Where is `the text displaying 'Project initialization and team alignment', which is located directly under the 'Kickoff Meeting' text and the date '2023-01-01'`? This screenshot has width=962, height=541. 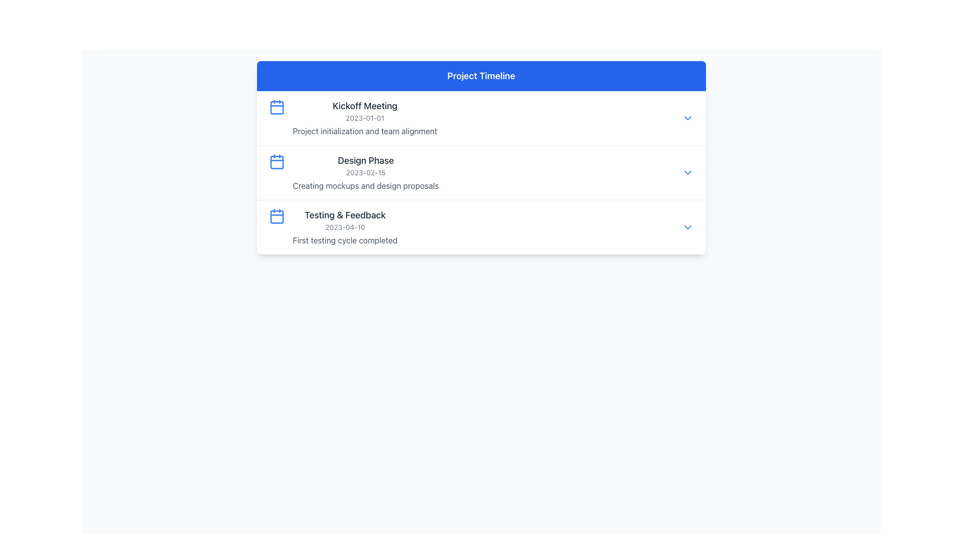
the text displaying 'Project initialization and team alignment', which is located directly under the 'Kickoff Meeting' text and the date '2023-01-01' is located at coordinates (364, 131).